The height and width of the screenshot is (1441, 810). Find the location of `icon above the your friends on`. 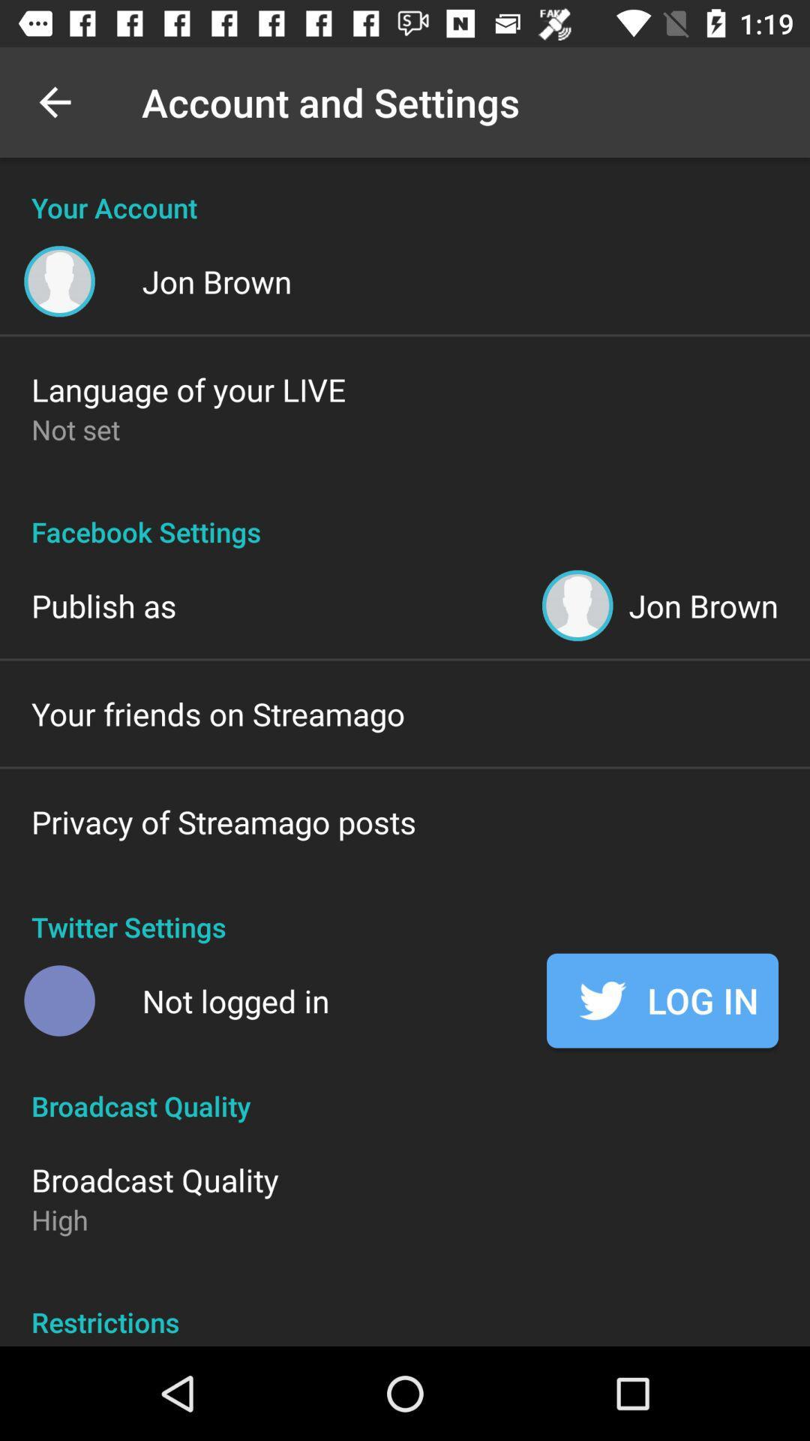

icon above the your friends on is located at coordinates (103, 605).